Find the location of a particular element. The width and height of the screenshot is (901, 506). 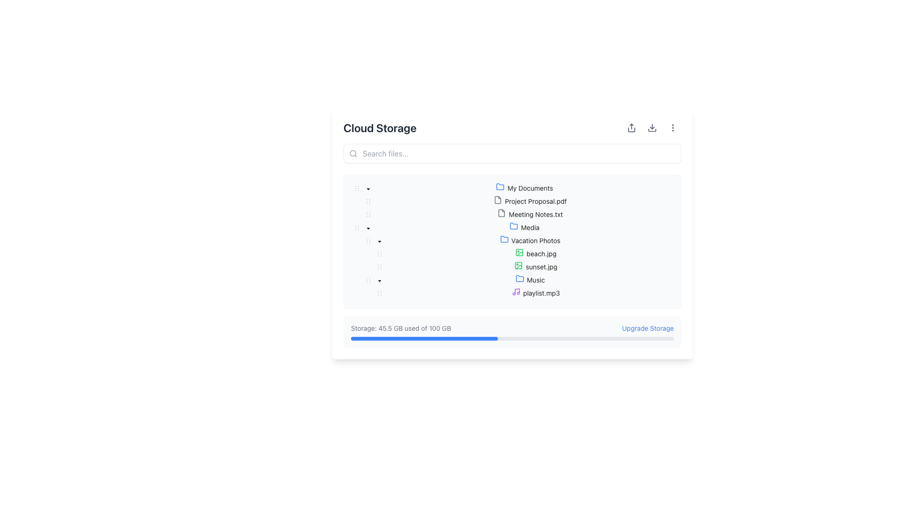

the Tree indentation marker located before the 'Vacation Photos' folder to maintain the alignment in the tree view is located at coordinates (357, 240).